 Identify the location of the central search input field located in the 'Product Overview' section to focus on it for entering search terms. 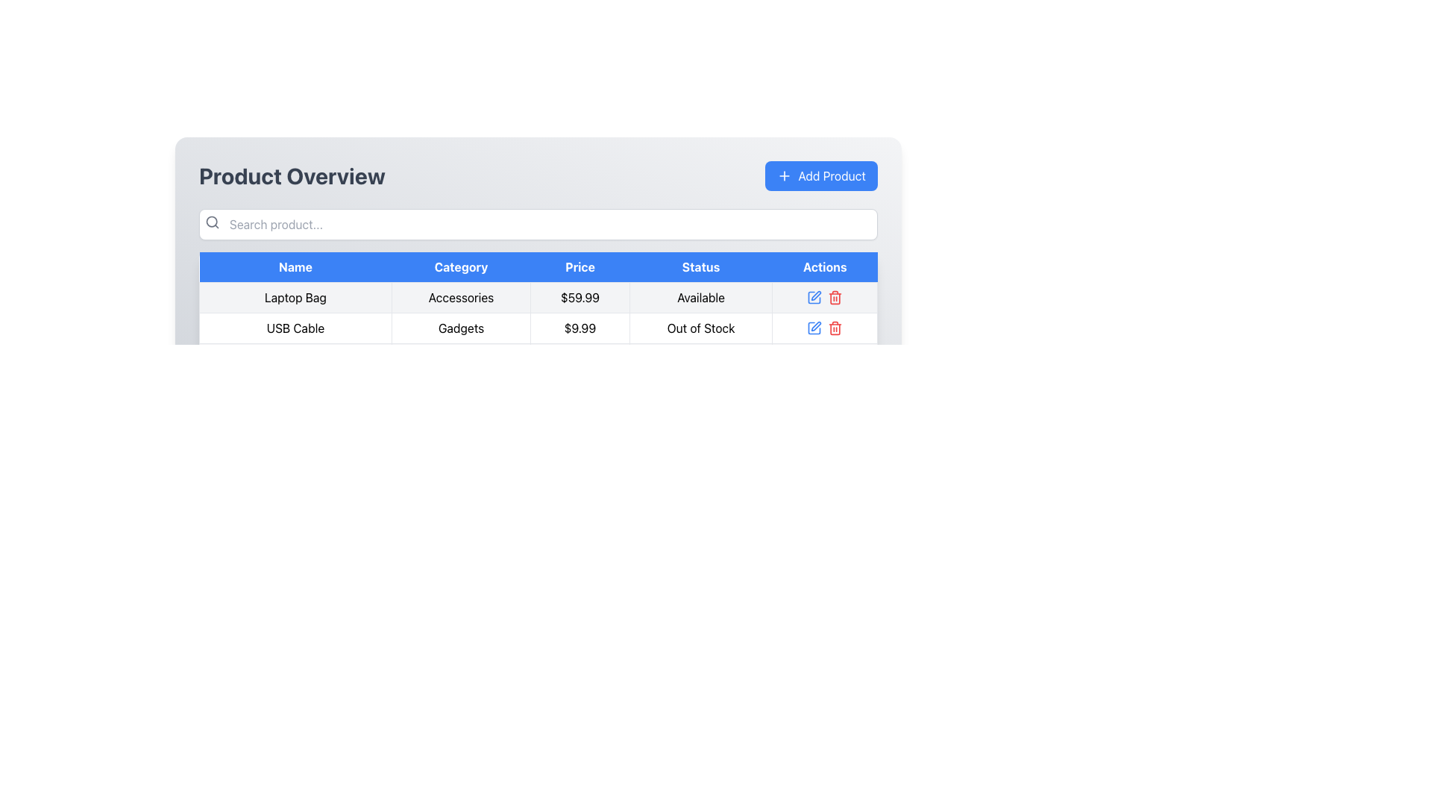
(537, 224).